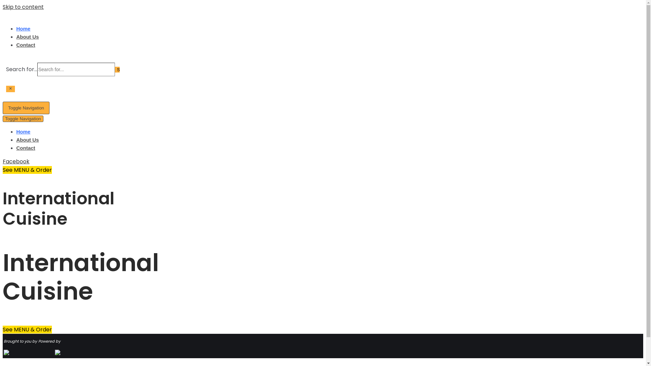 Image resolution: width=651 pixels, height=366 pixels. What do you see at coordinates (23, 118) in the screenshot?
I see `'Toggle Navigation'` at bounding box center [23, 118].